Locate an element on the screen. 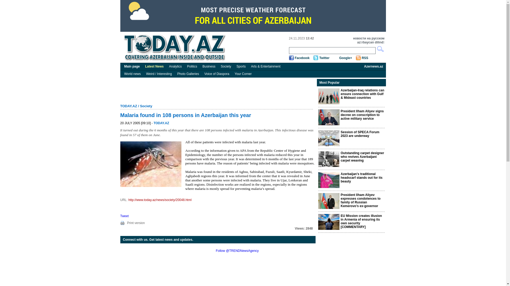 The width and height of the screenshot is (510, 286). 'Print version' is located at coordinates (136, 223).